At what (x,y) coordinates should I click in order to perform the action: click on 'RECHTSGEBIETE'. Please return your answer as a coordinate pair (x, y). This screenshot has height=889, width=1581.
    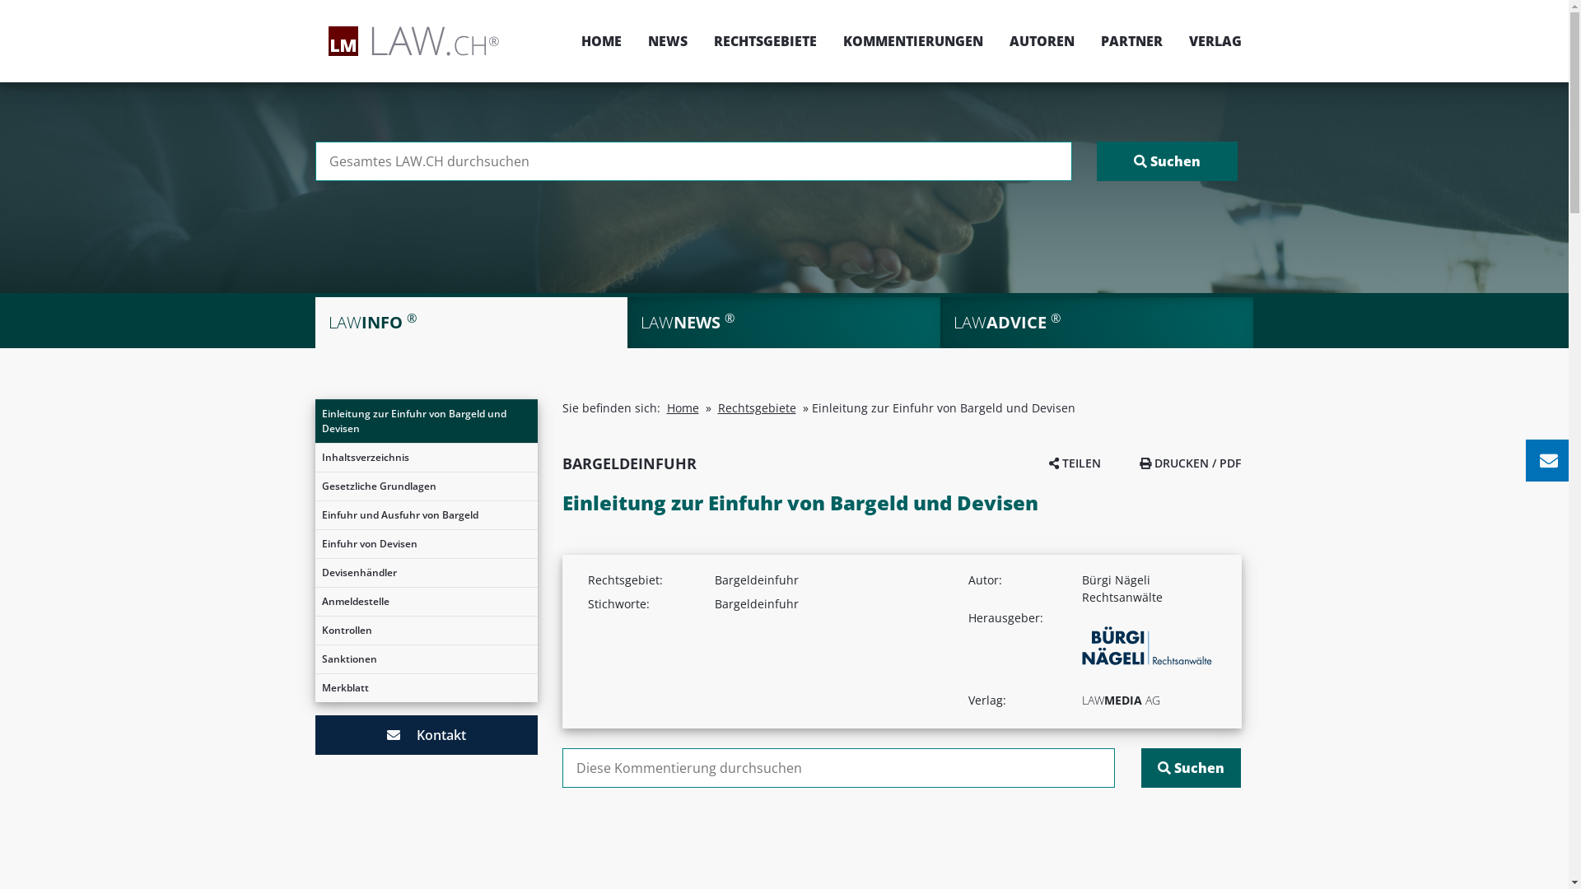
    Looking at the image, I should click on (763, 40).